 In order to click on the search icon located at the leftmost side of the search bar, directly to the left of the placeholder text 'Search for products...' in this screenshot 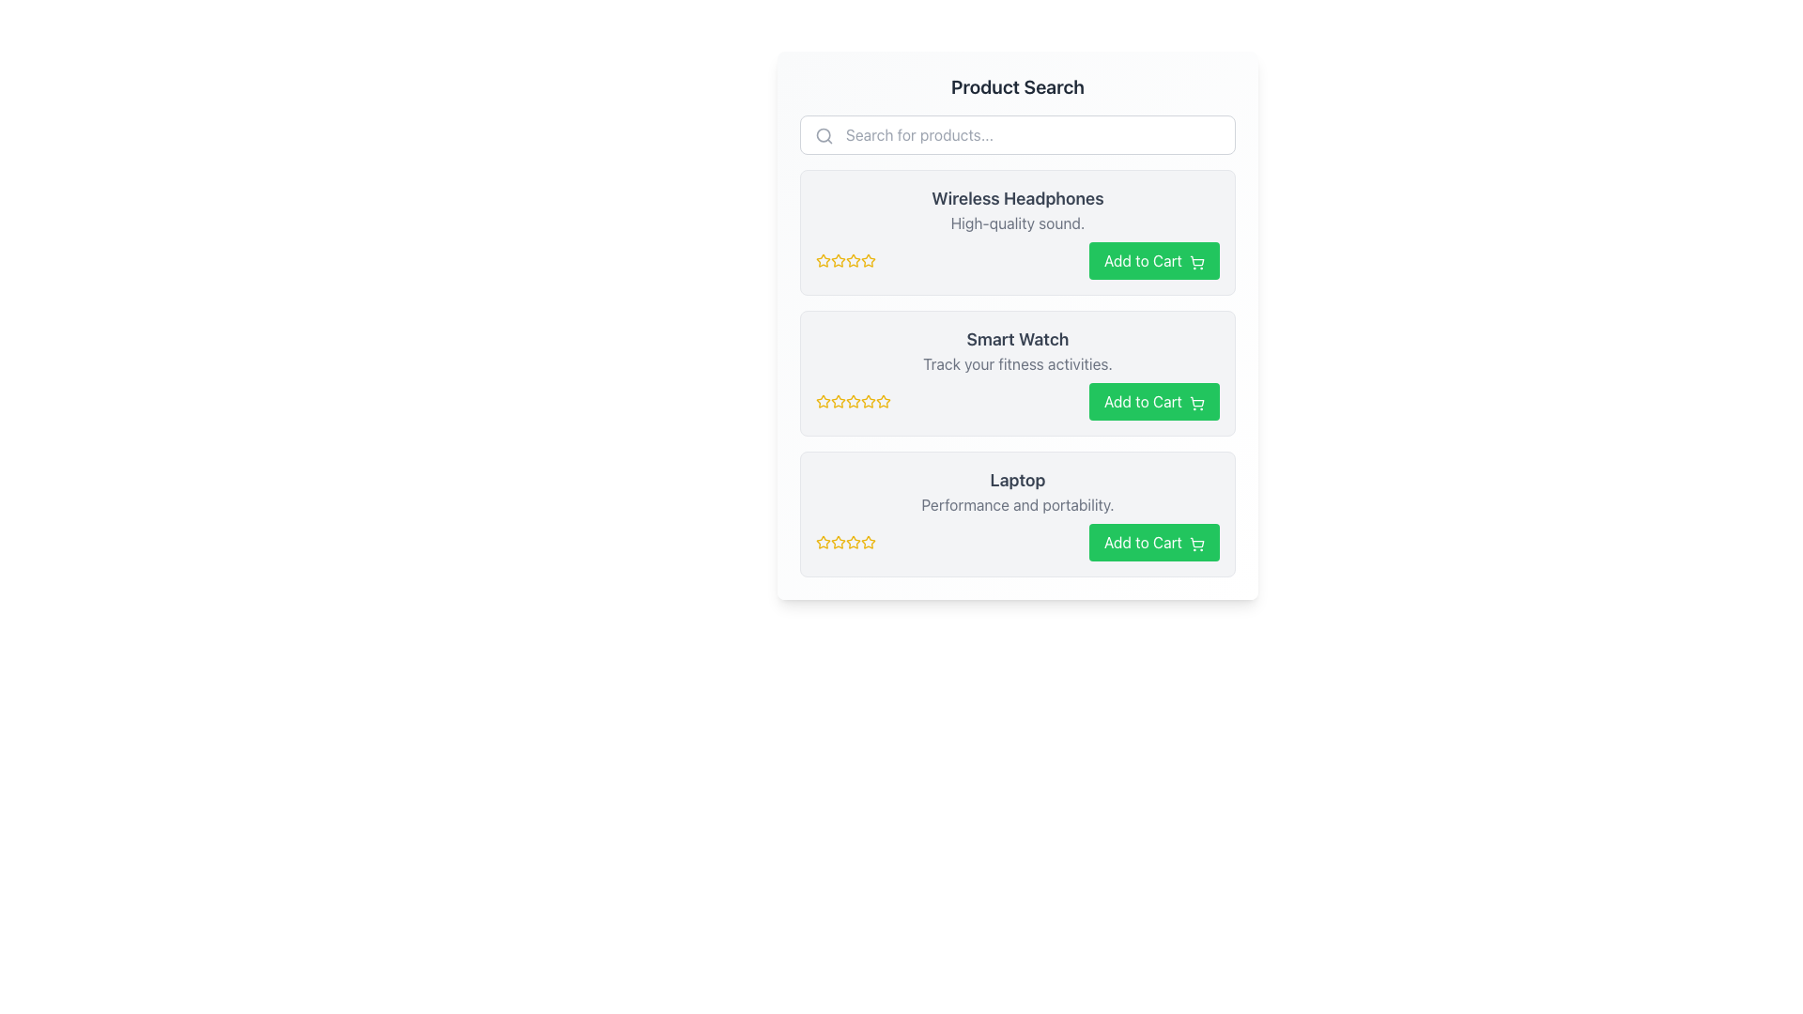, I will do `click(824, 135)`.